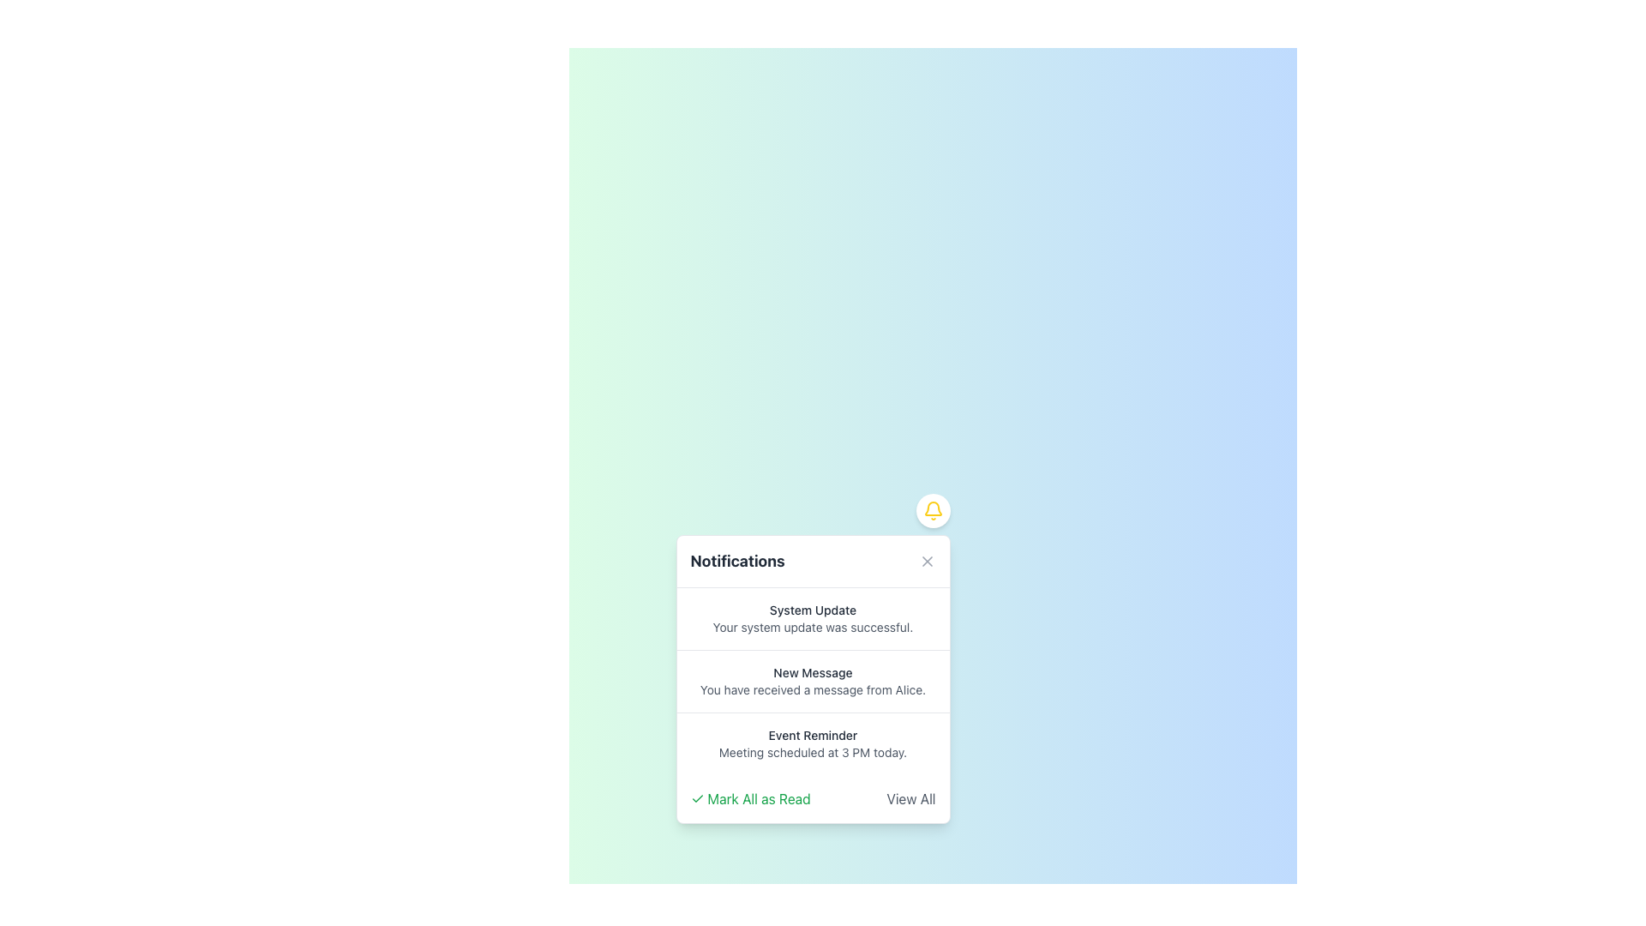  What do you see at coordinates (910, 799) in the screenshot?
I see `the 'View All' text button located in the lower-right corner of the notification interface to change its color` at bounding box center [910, 799].